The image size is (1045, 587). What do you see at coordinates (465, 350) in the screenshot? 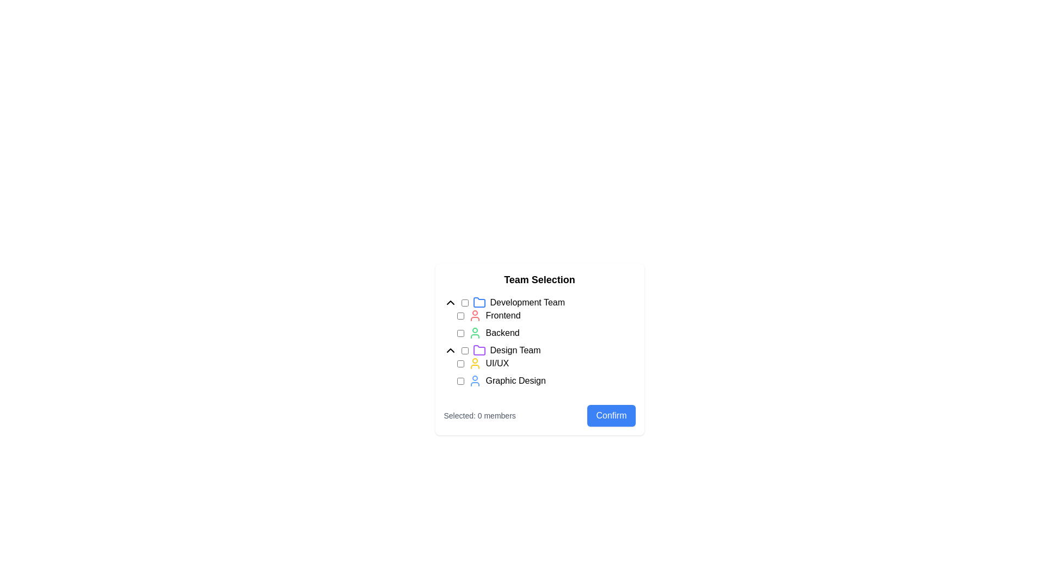
I see `the checkbox` at bounding box center [465, 350].